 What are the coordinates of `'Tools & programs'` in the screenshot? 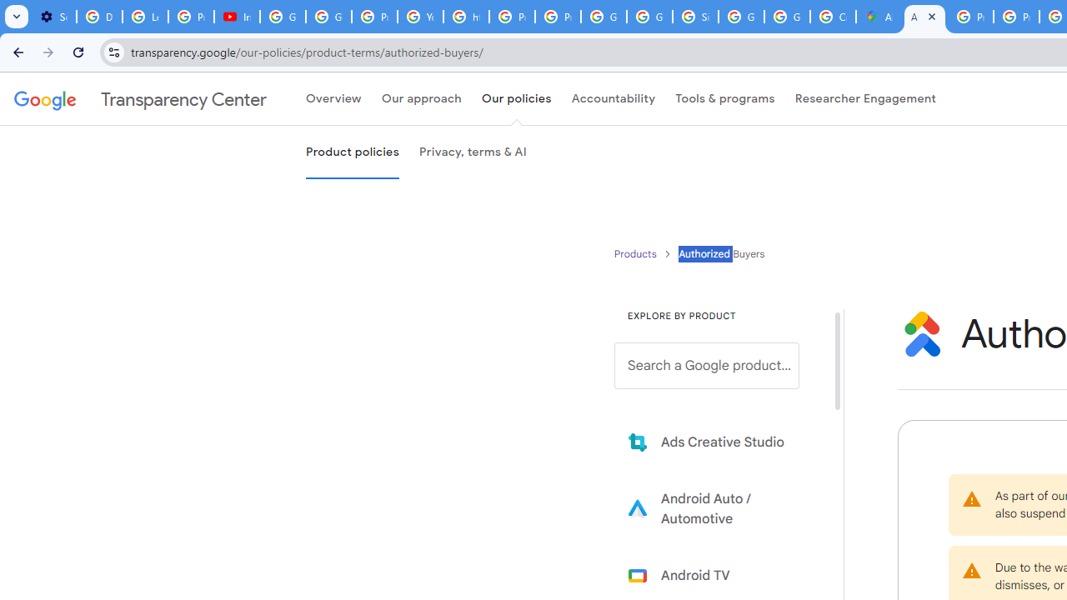 It's located at (724, 99).